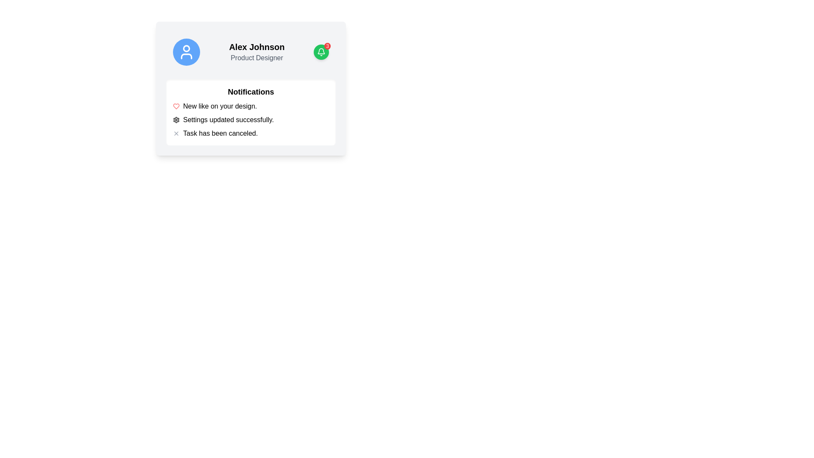 The width and height of the screenshot is (814, 458). What do you see at coordinates (176, 106) in the screenshot?
I see `the 'like' notification icon located to the left of the text 'New like on your design.'` at bounding box center [176, 106].